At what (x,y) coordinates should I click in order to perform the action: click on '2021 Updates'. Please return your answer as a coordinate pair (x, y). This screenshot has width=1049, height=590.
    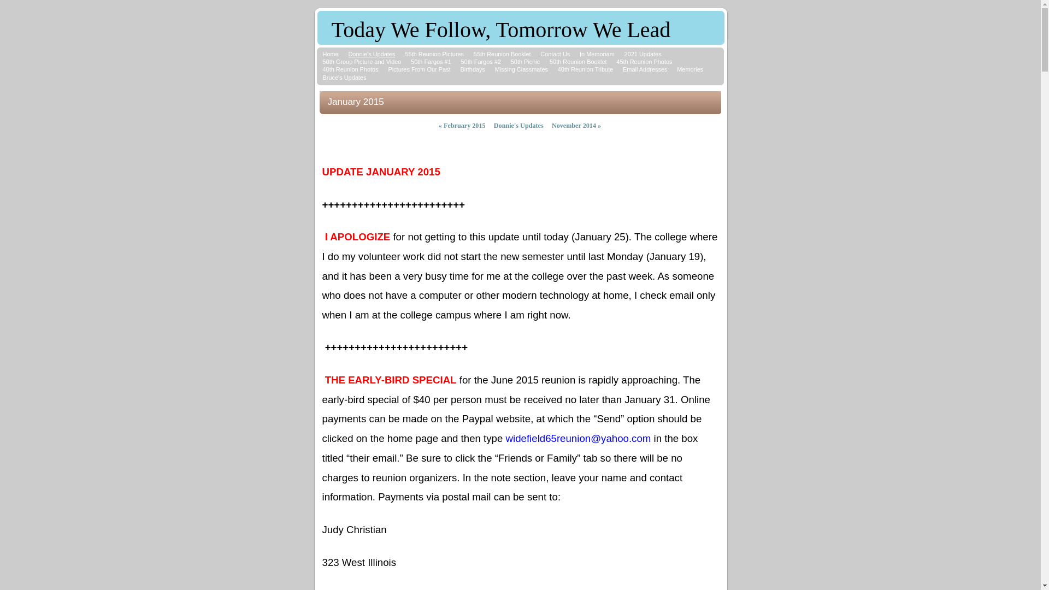
    Looking at the image, I should click on (643, 54).